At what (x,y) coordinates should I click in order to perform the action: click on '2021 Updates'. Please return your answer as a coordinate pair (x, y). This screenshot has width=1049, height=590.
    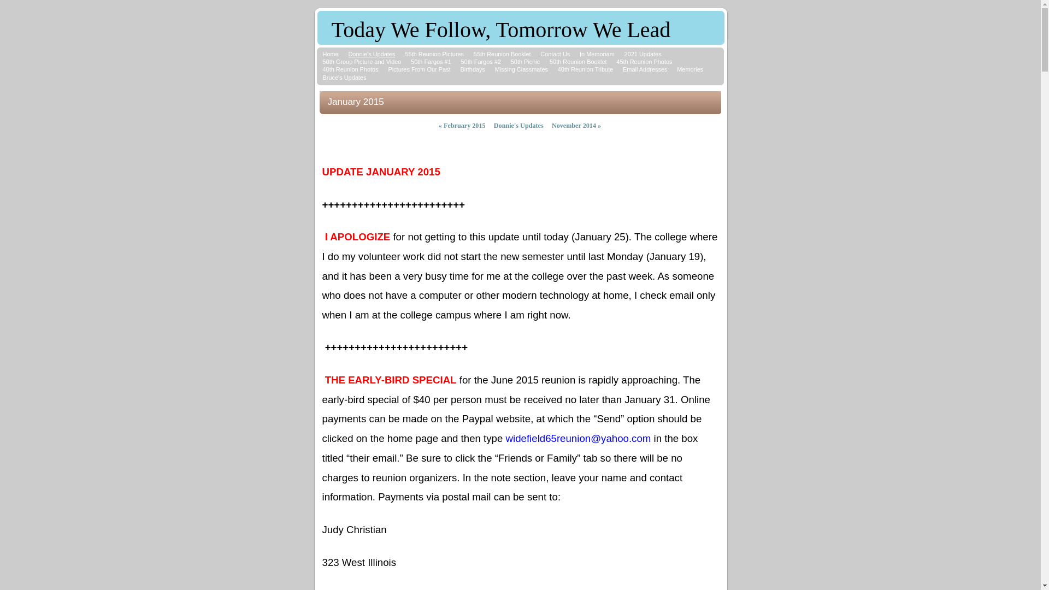
    Looking at the image, I should click on (643, 54).